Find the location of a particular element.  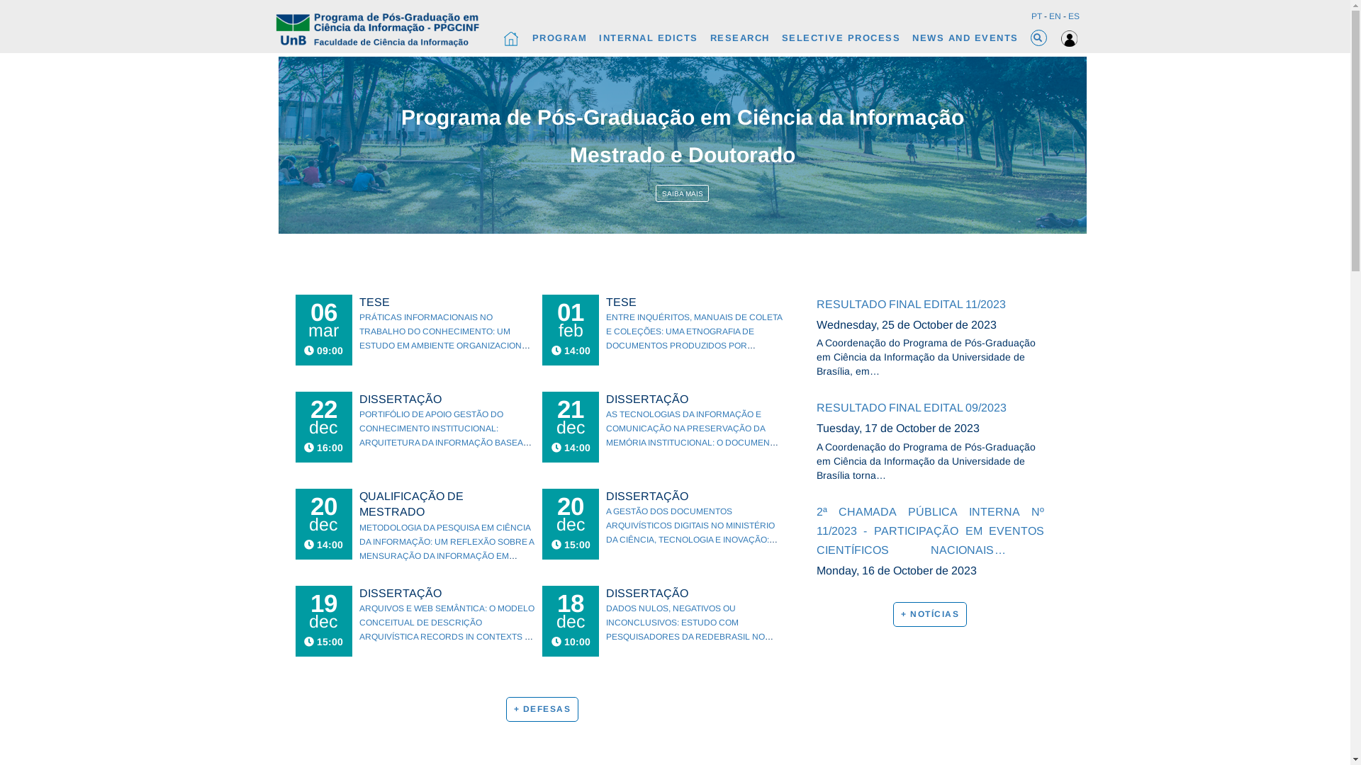

'RESEARCH' is located at coordinates (710, 37).